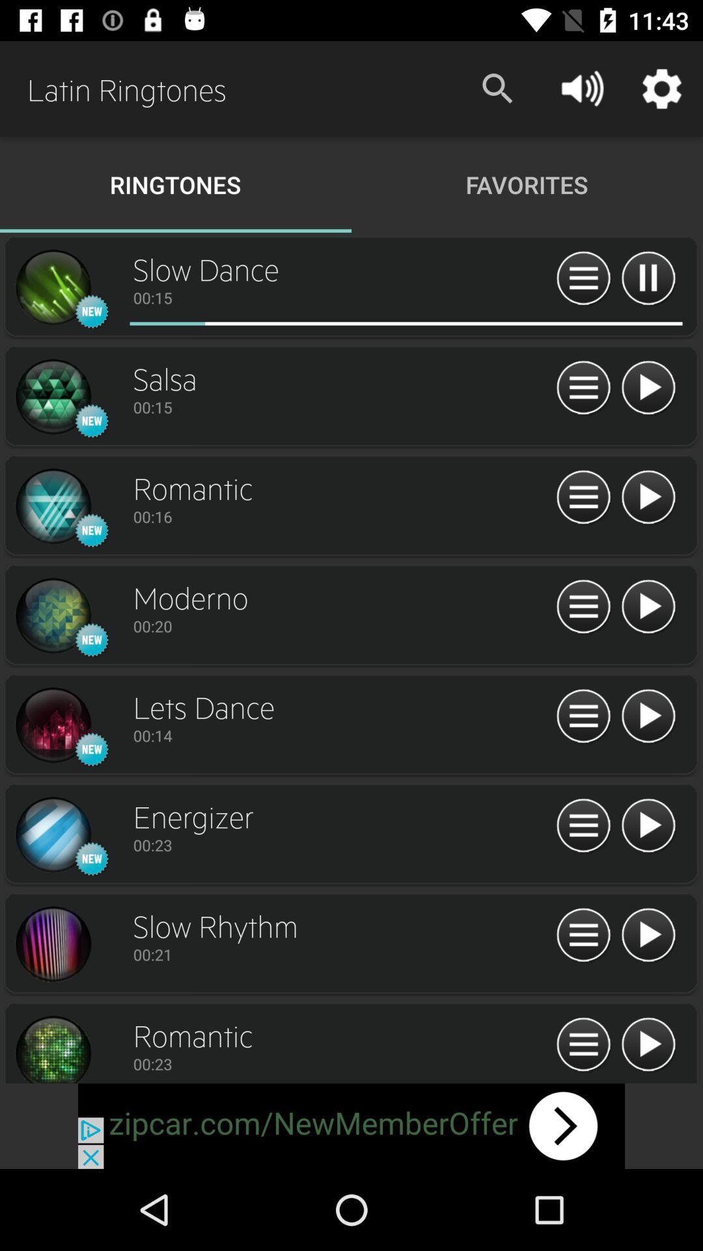 This screenshot has width=703, height=1251. What do you see at coordinates (52, 506) in the screenshot?
I see `selecticon which is before romantic on the page` at bounding box center [52, 506].